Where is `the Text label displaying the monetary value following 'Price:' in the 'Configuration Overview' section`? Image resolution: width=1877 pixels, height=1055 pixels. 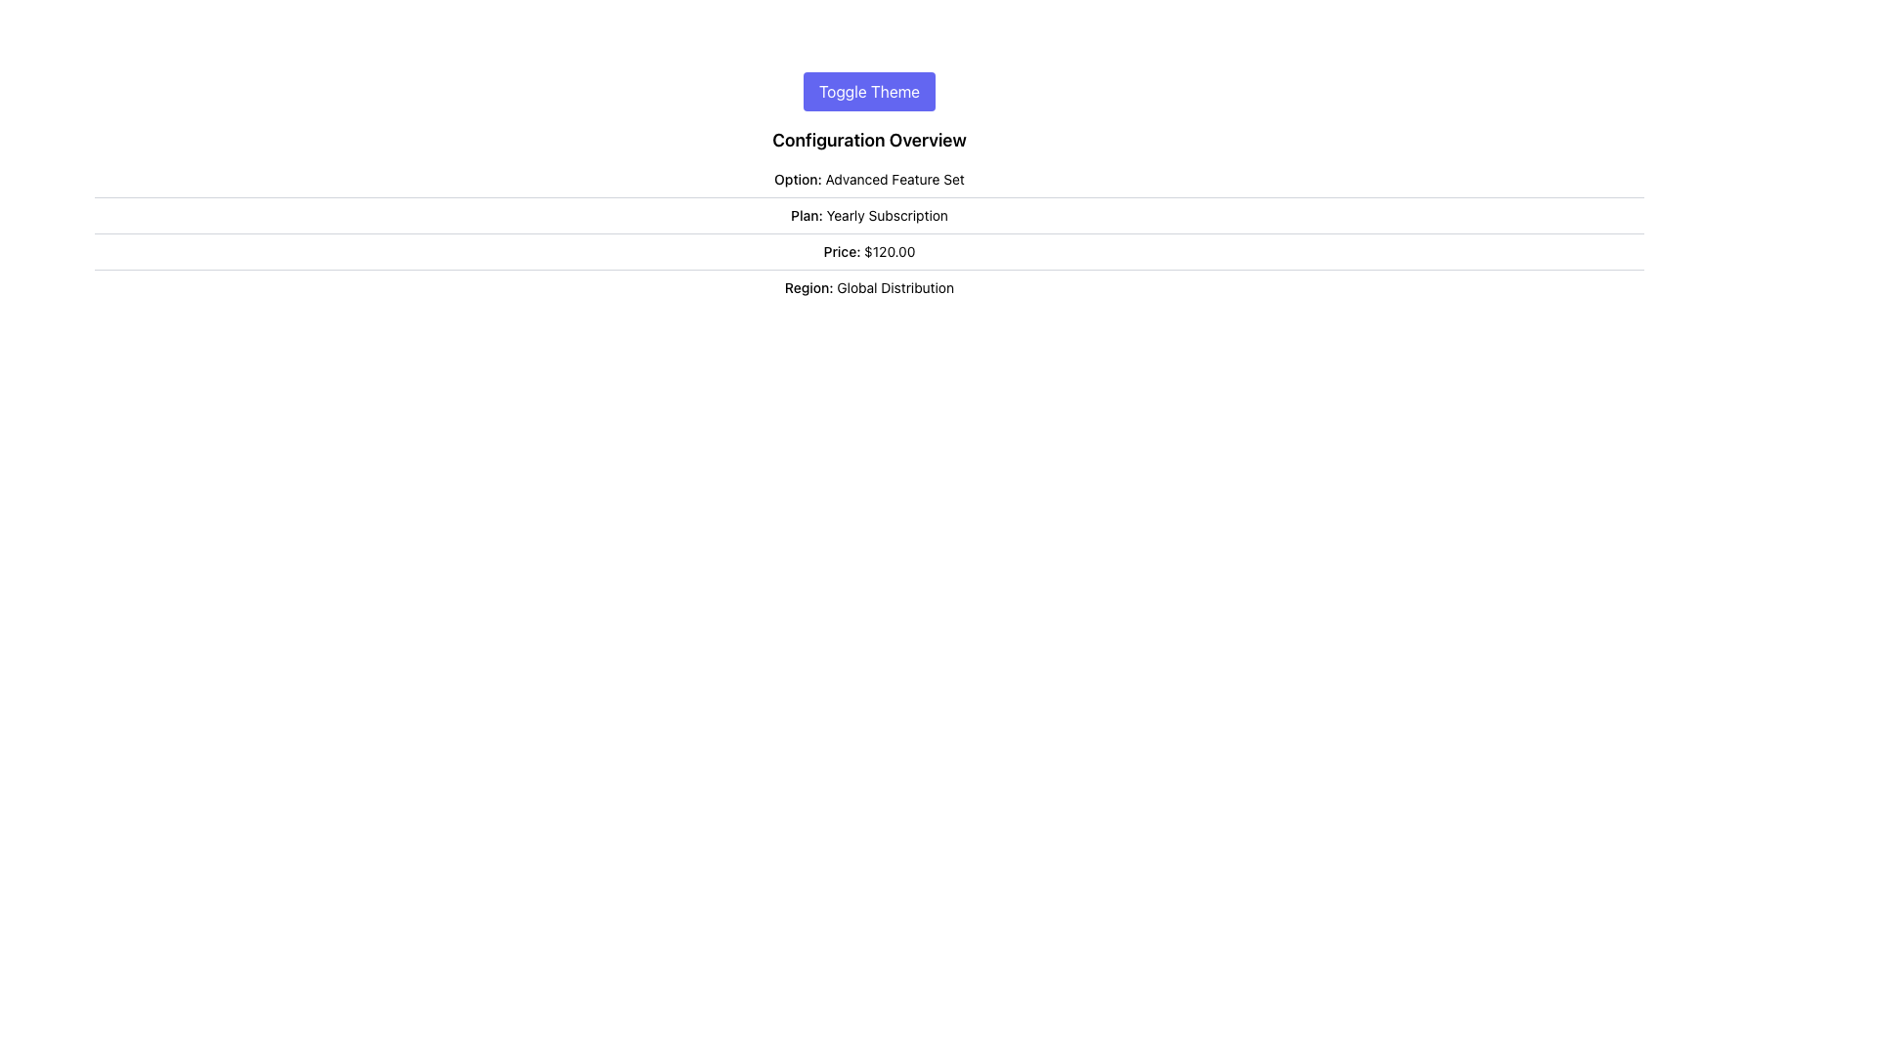
the Text label displaying the monetary value following 'Price:' in the 'Configuration Overview' section is located at coordinates (889, 250).